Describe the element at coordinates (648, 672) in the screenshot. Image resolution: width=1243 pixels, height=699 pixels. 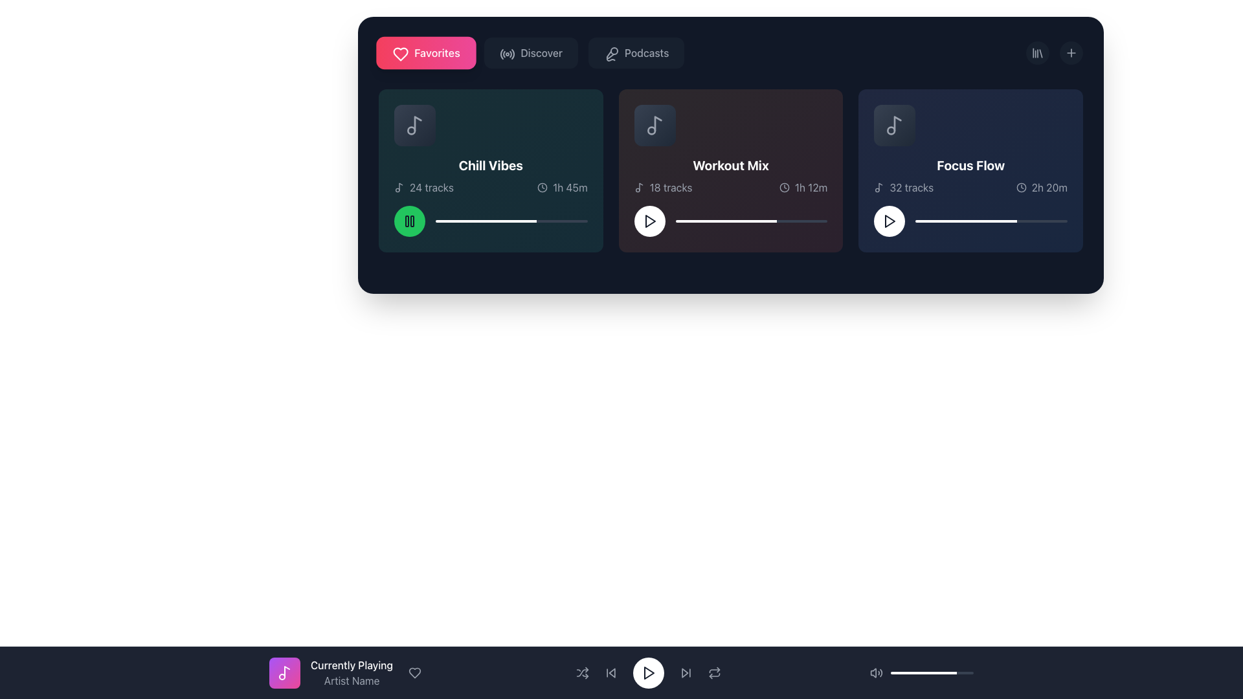
I see `the play icon button, which is a triangle pointing to the right, located in the center of the bottom navigation bar to play` at that location.